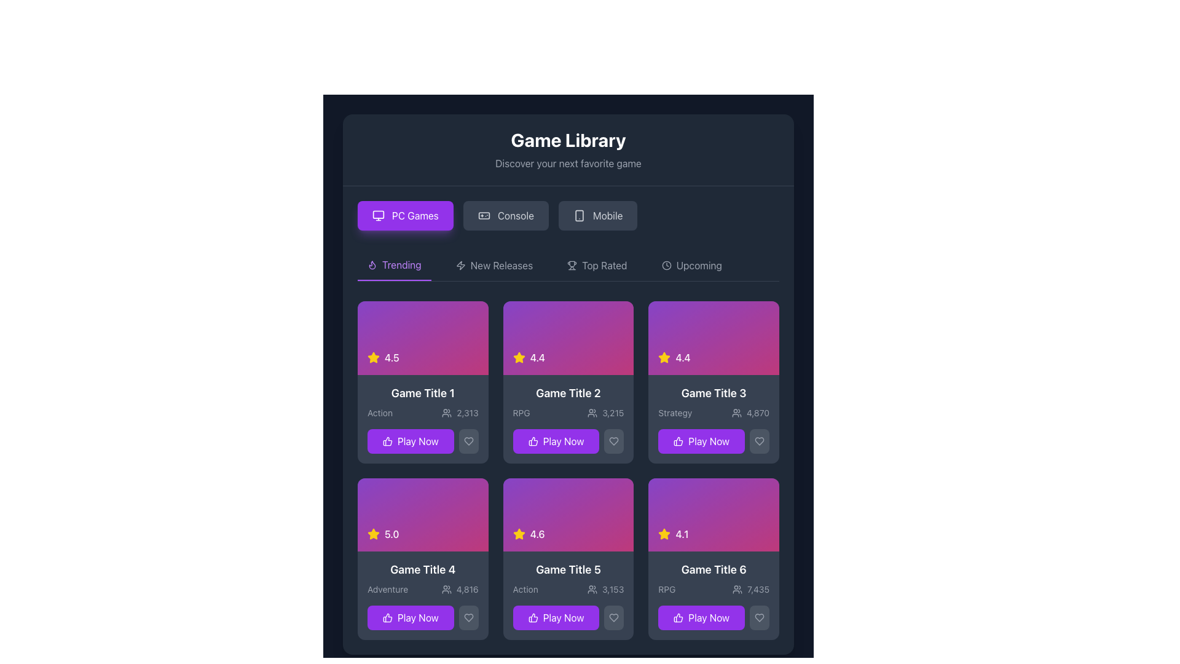 Image resolution: width=1180 pixels, height=664 pixels. I want to click on the 'Upcoming' section icon located in the horizontal navigation bar, positioned to the left of the text 'Upcoming' for informational purposes, so click(666, 265).